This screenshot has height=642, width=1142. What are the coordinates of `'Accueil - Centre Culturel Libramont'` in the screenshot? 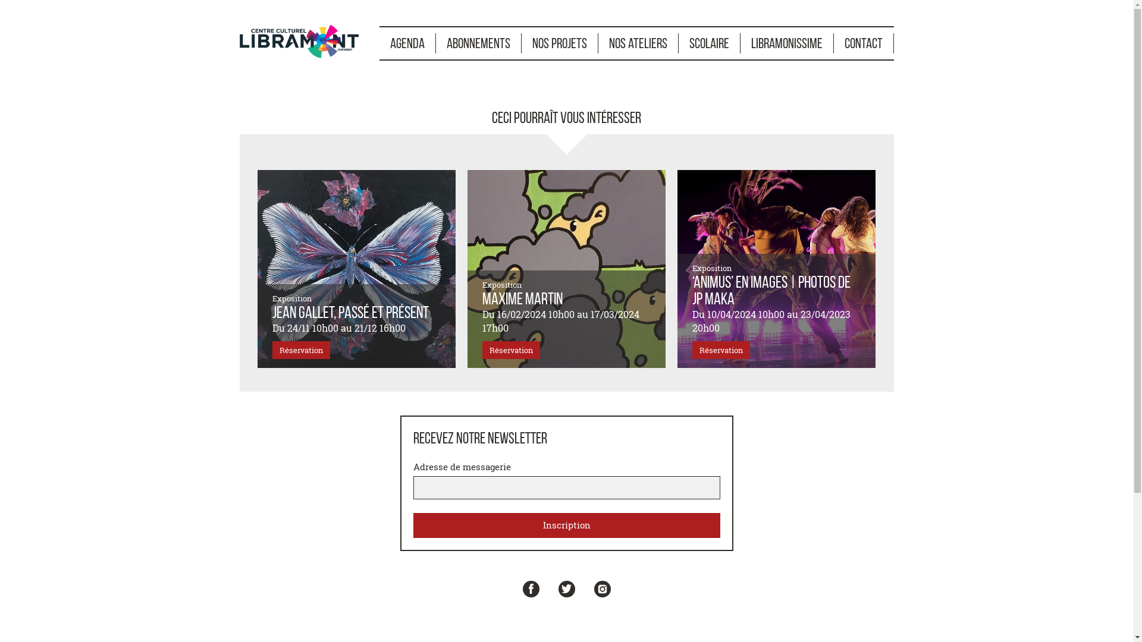 It's located at (299, 39).